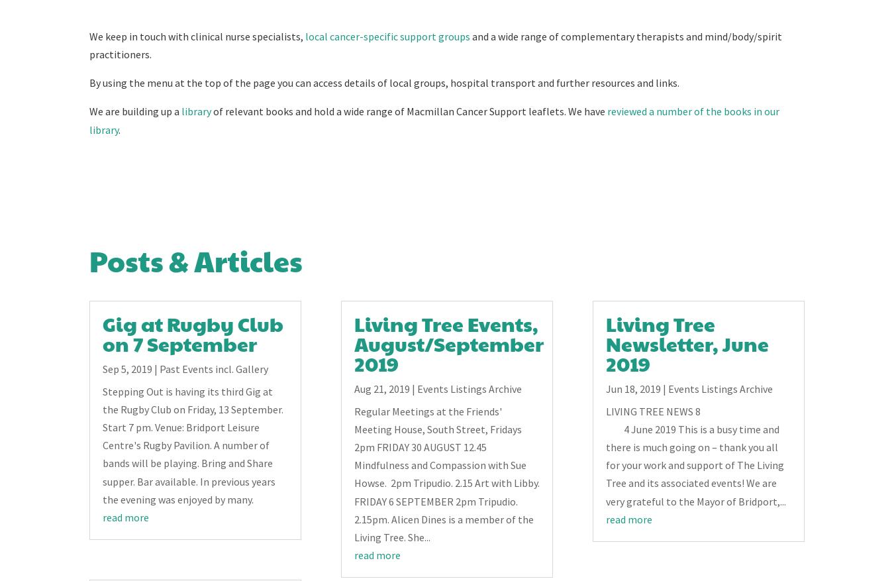 This screenshot has height=581, width=894. What do you see at coordinates (89, 44) in the screenshot?
I see `'and a wide range of complementary therapists and mind/body/spirit practitioners.'` at bounding box center [89, 44].